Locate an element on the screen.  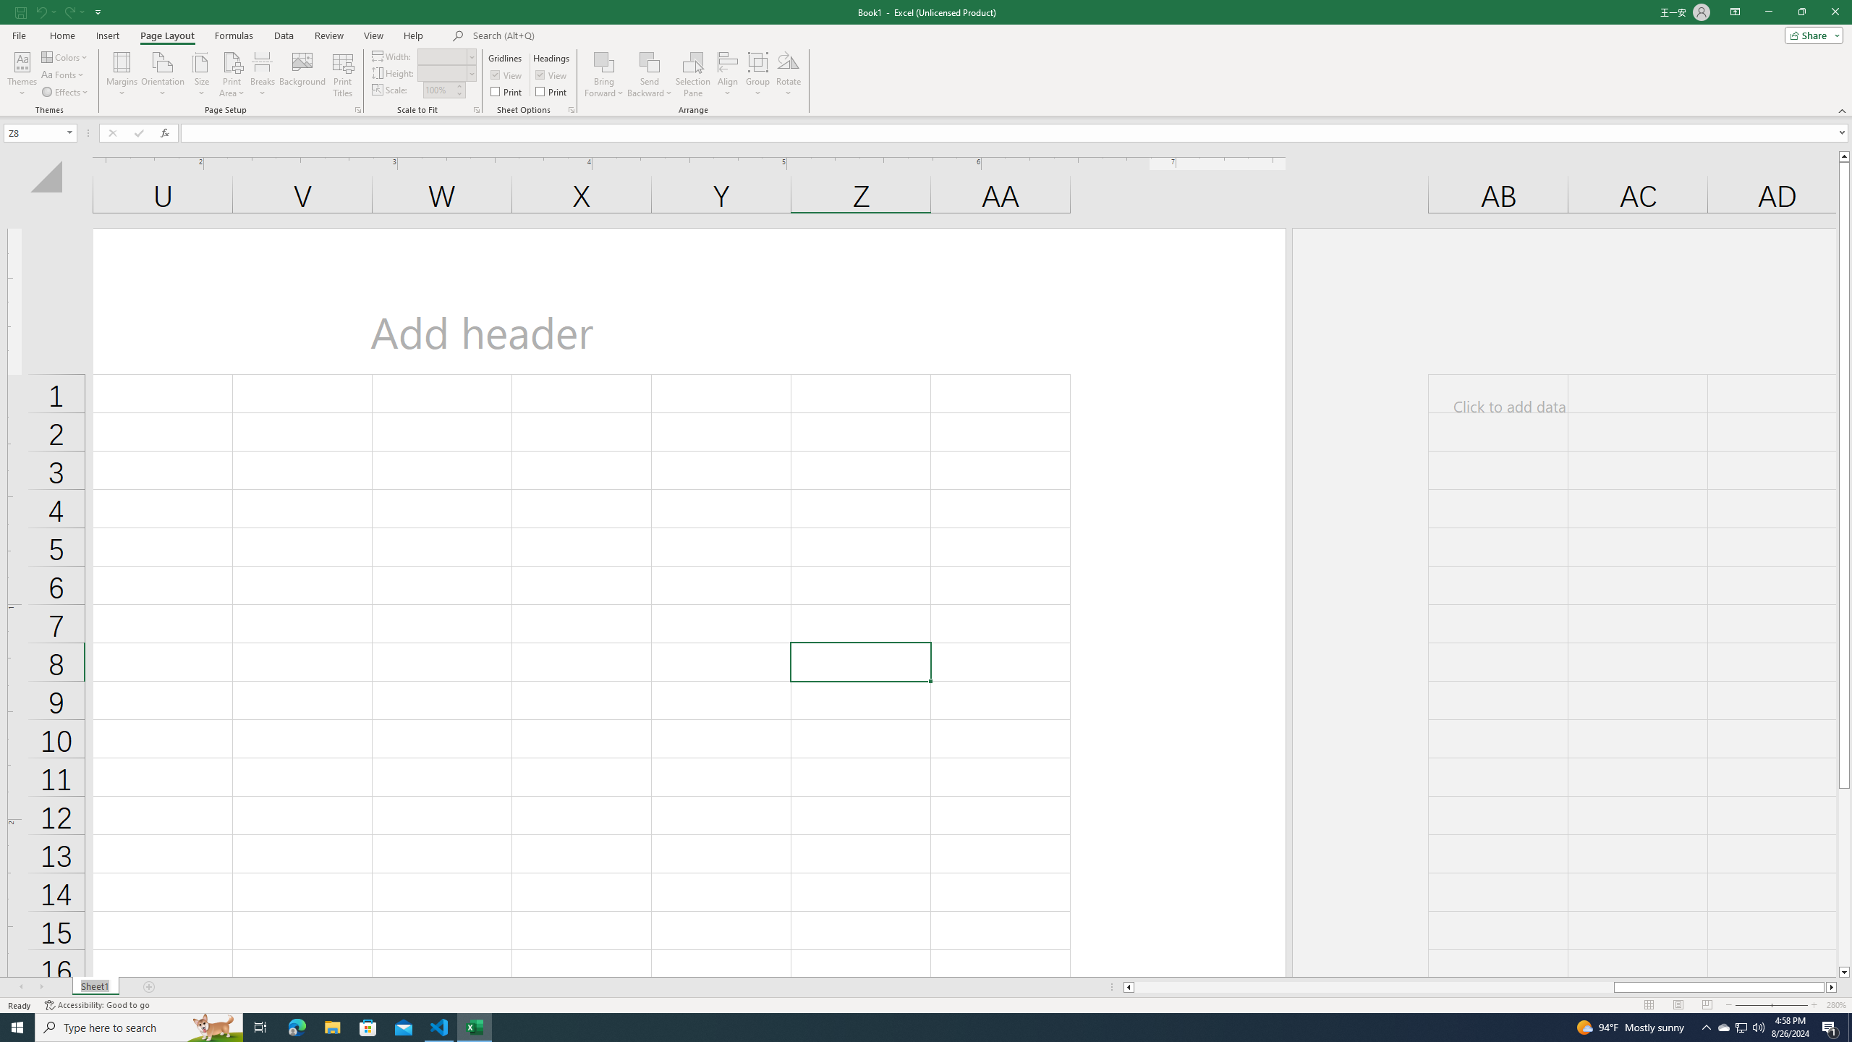
'Align' is located at coordinates (728, 75).